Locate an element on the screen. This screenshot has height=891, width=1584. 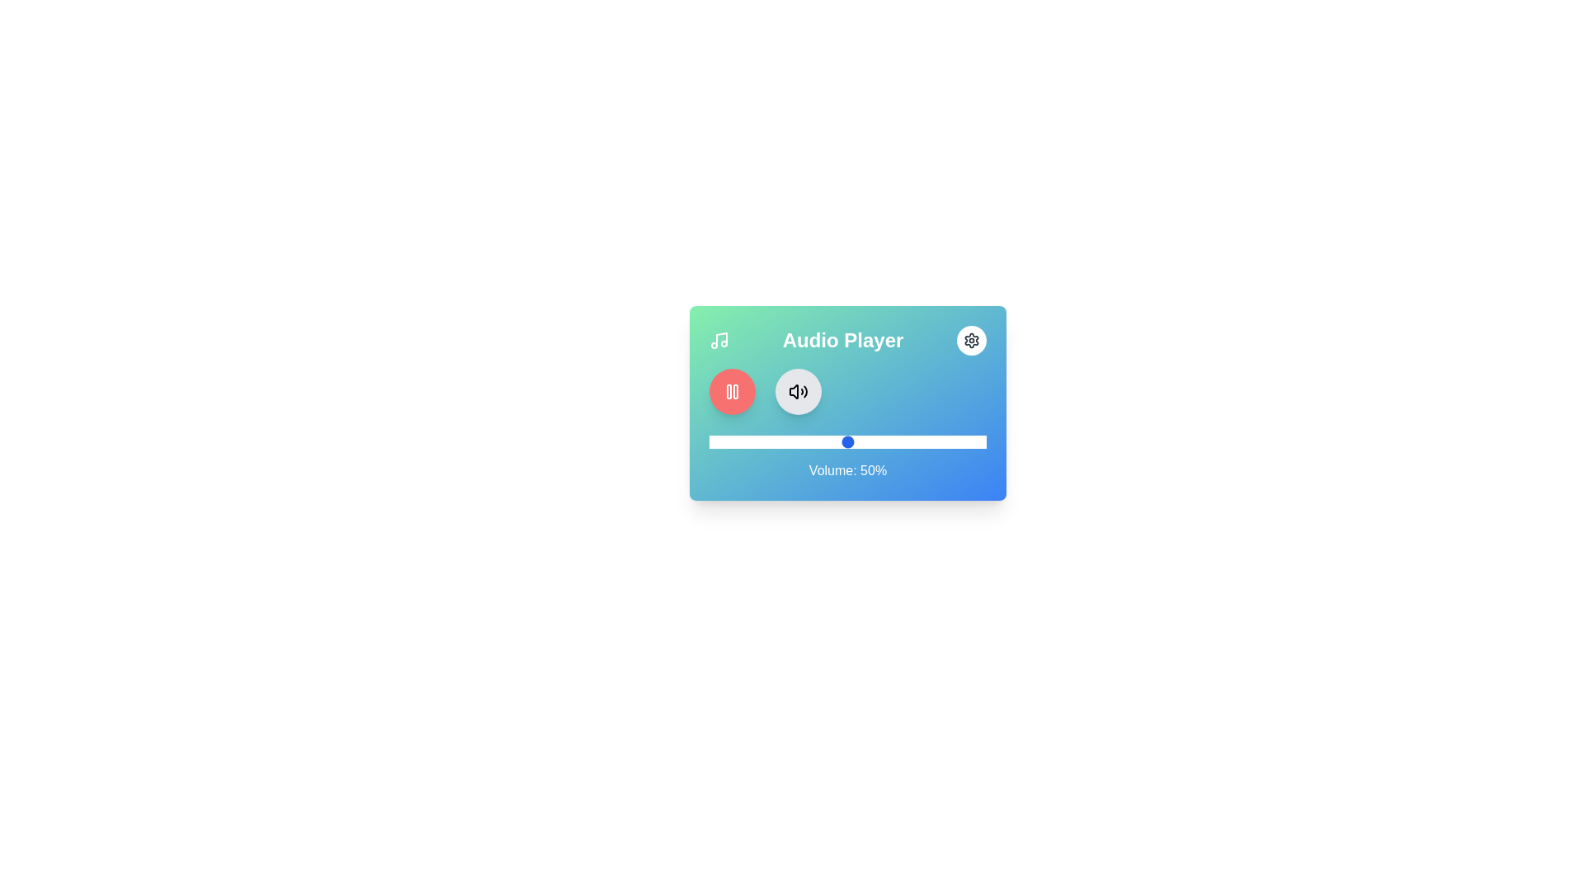
the right vertical rectangle of the pause icon within the media player control panel to potentially display a tooltip is located at coordinates (735, 391).